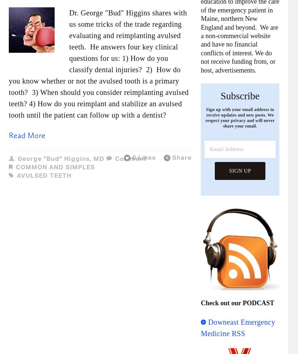  I want to click on 'Dr. George "Bud" Higgins shares with us some tricks of the trade regarding evaluating and reimplanting avulsed teeth.  He answers four key clinical questions for us: 1) How do you classify dental injuries?  2)  How do you know whether or not the avulsed tooth is a primary tooth?  3) When should you consider reimplanting avulsed teeth? 4) How do you reimplant and stabilize an avulsed tooth until the patient can follow up with a dentist?', so click(98, 63).